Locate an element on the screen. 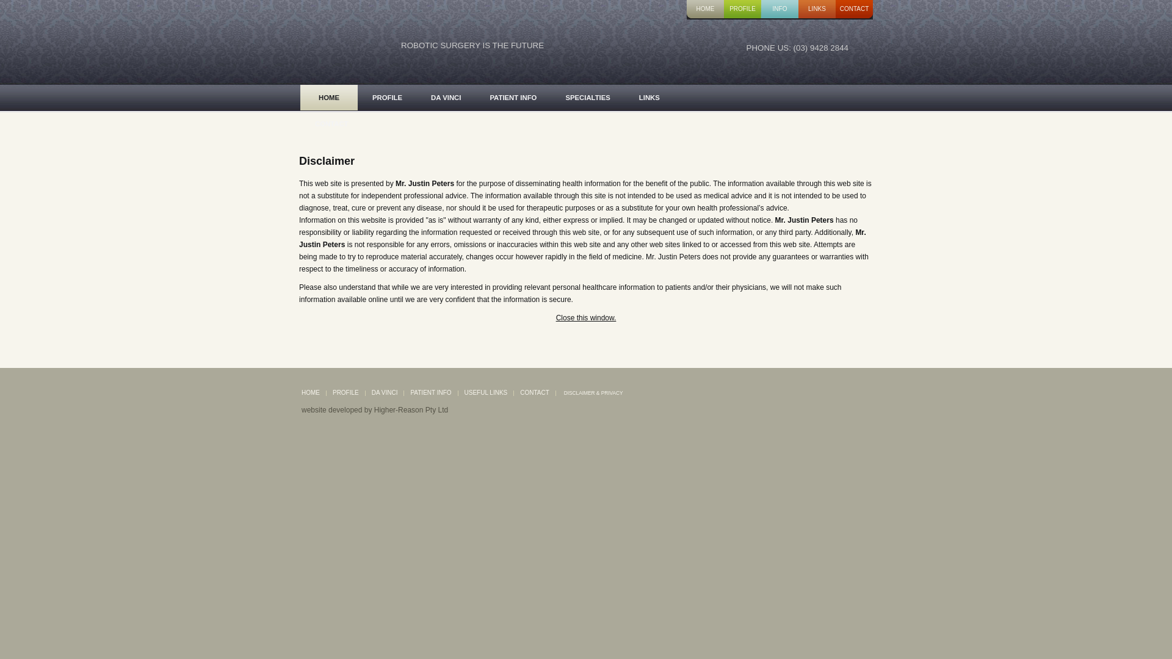  'PROFILE' is located at coordinates (356, 96).